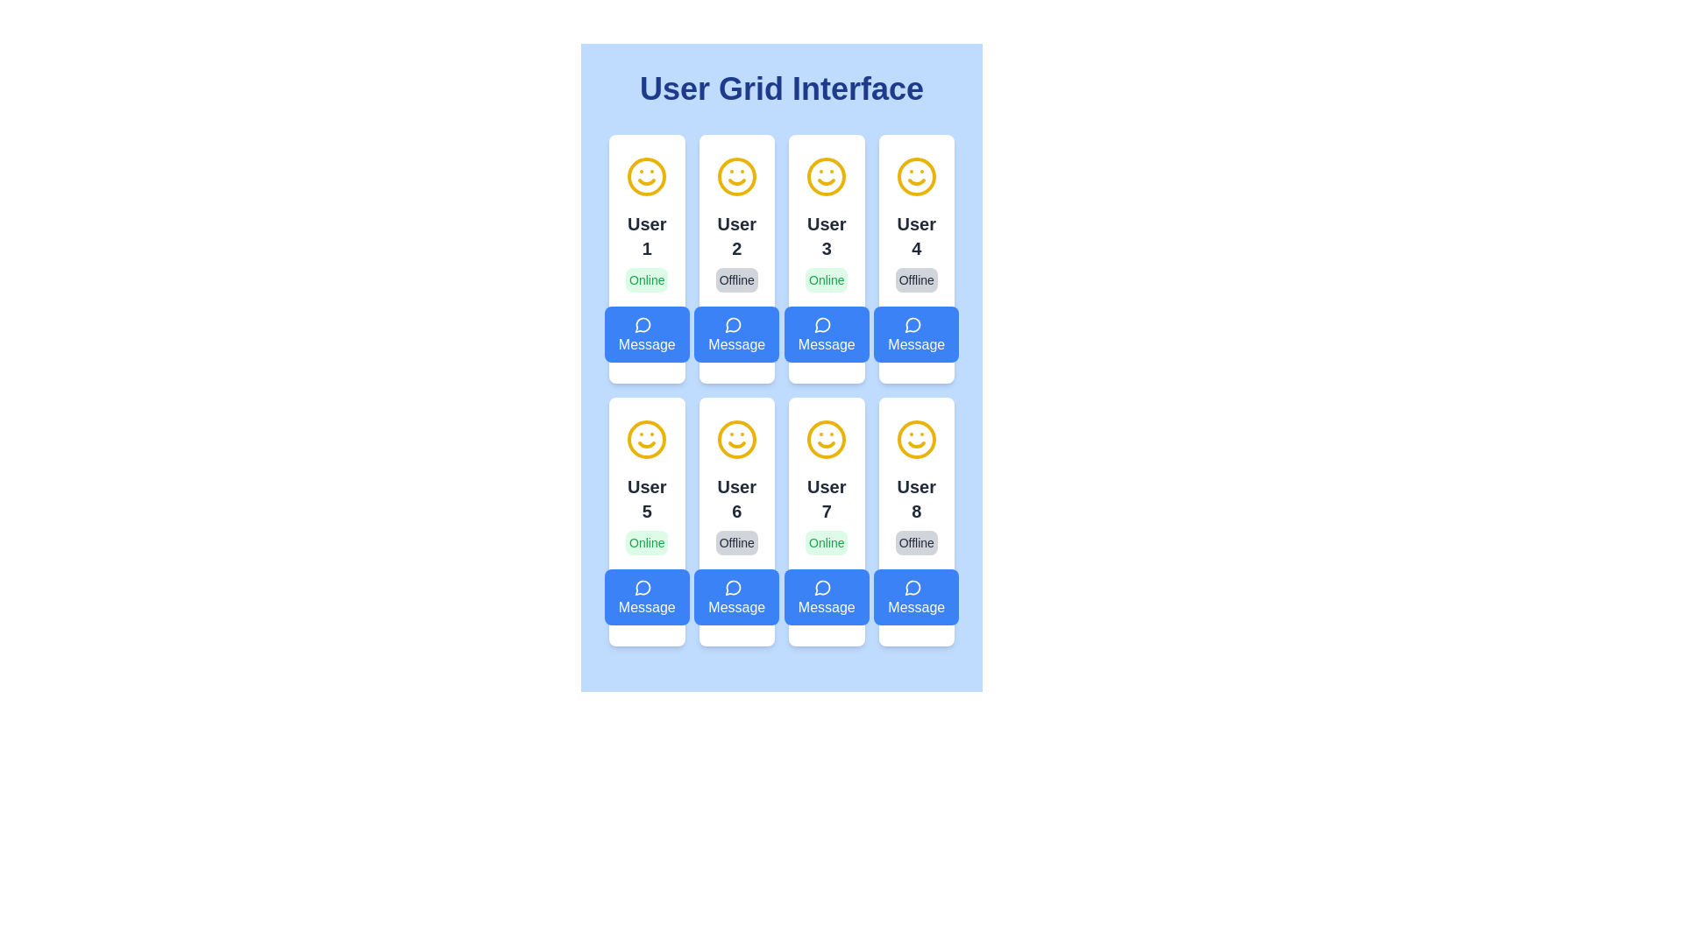 This screenshot has width=1683, height=946. Describe the element at coordinates (733, 325) in the screenshot. I see `the 'Message' button associated with 'User 2'` at that location.